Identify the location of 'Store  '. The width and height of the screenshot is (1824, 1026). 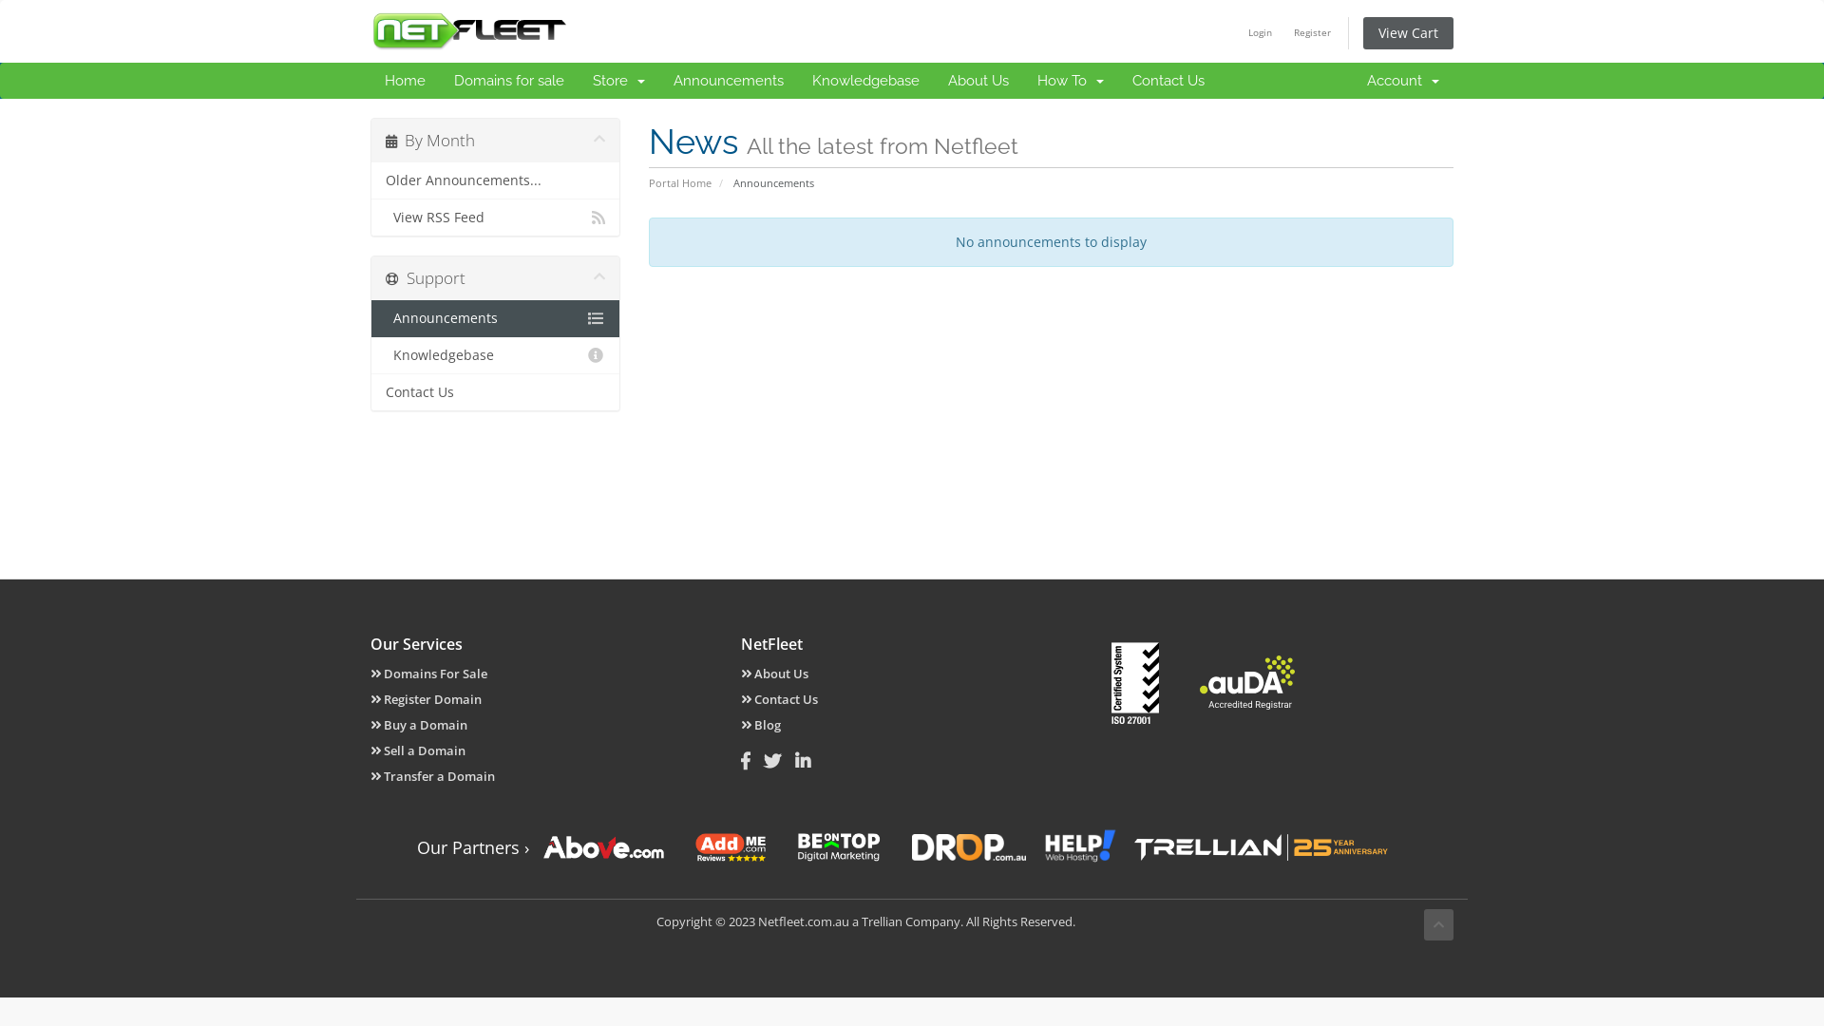
(618, 79).